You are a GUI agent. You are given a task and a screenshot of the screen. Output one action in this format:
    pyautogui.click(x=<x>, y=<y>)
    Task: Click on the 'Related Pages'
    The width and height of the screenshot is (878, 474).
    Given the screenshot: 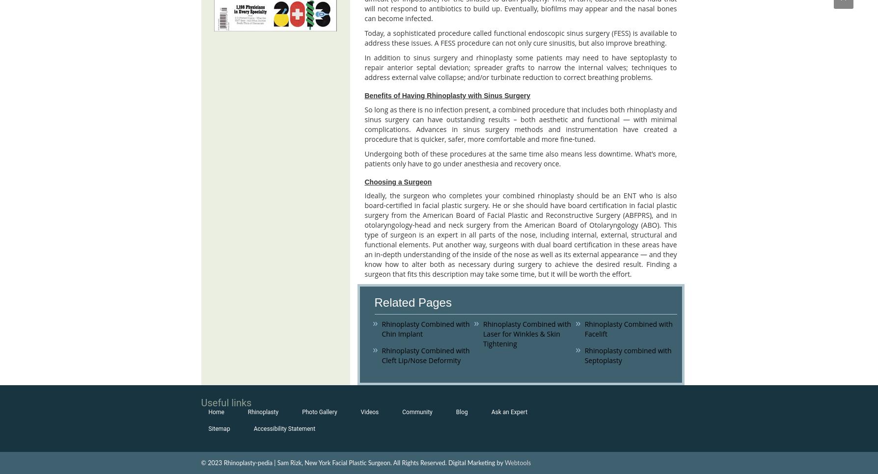 What is the action you would take?
    pyautogui.click(x=412, y=302)
    